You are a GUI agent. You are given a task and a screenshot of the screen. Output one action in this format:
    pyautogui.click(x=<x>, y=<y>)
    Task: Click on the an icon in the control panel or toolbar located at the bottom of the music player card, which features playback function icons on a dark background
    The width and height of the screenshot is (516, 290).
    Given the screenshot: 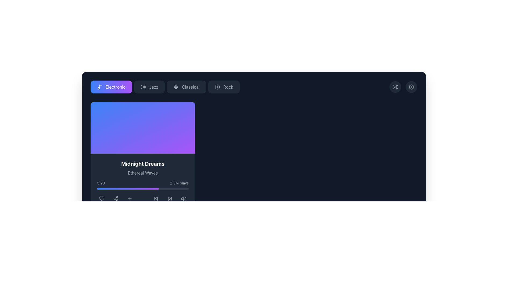 What is the action you would take?
    pyautogui.click(x=143, y=199)
    